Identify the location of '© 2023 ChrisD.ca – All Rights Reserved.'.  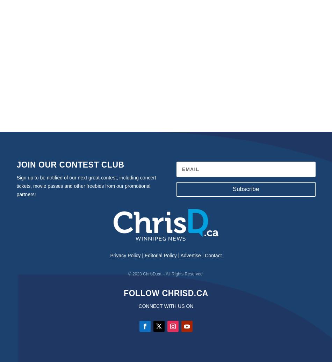
(165, 274).